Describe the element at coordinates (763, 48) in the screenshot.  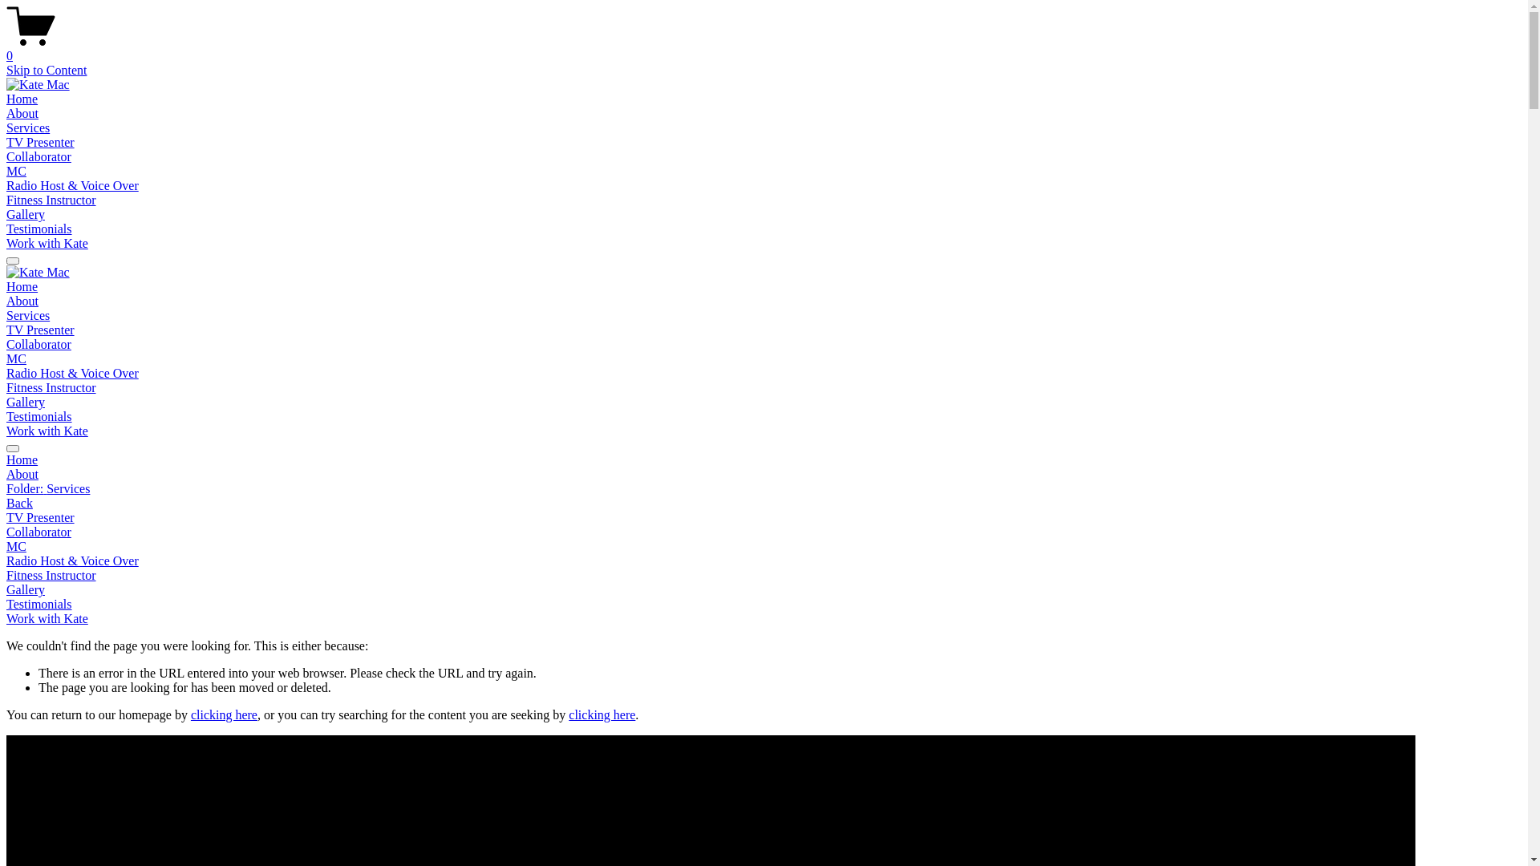
I see `'0'` at that location.